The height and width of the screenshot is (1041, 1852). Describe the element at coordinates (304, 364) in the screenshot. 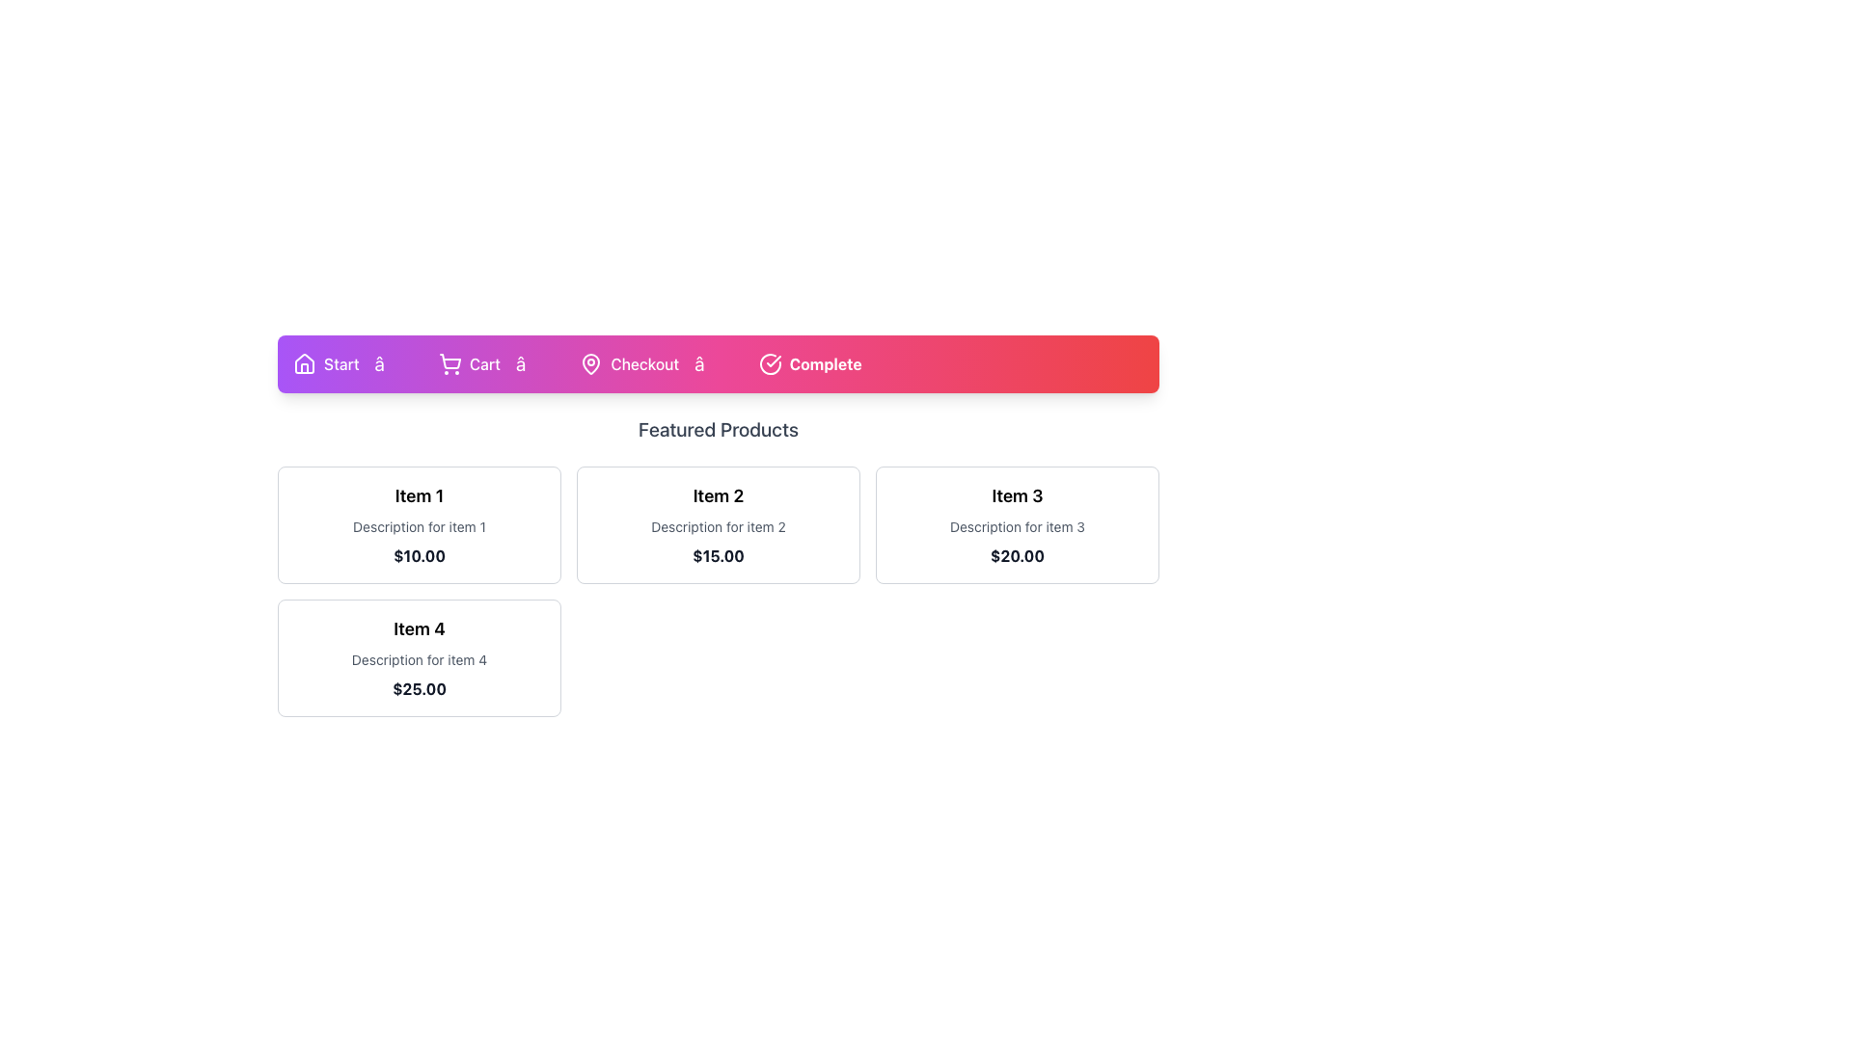

I see `the homepage icon located on the left side of the 'Start' button in the top navigation bar` at that location.